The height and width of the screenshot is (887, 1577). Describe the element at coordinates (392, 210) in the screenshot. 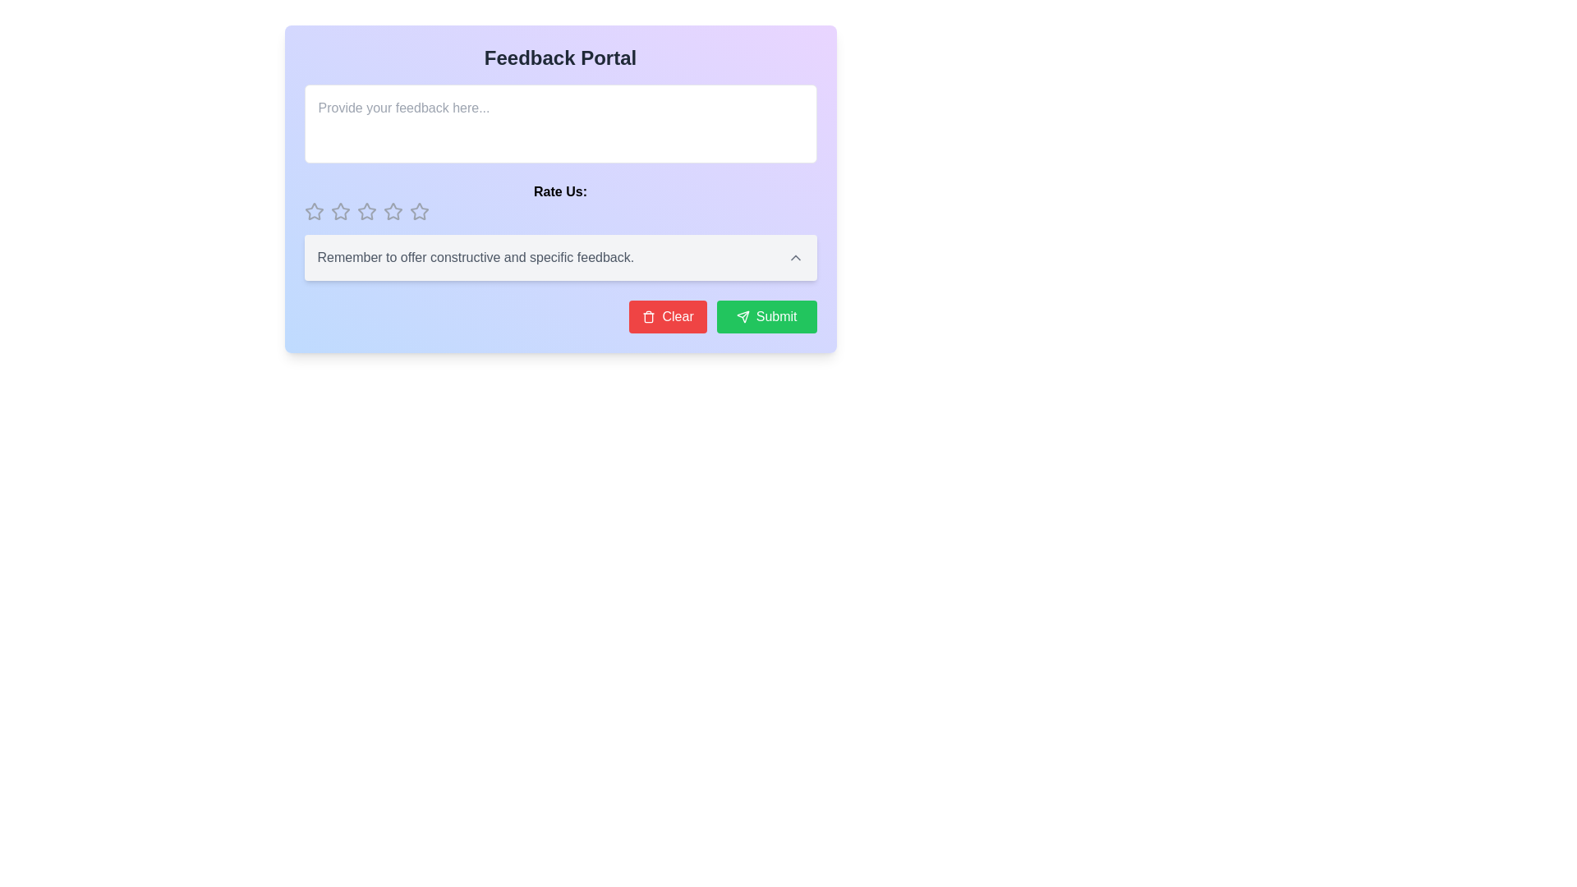

I see `the fourth star in the rating widget` at that location.